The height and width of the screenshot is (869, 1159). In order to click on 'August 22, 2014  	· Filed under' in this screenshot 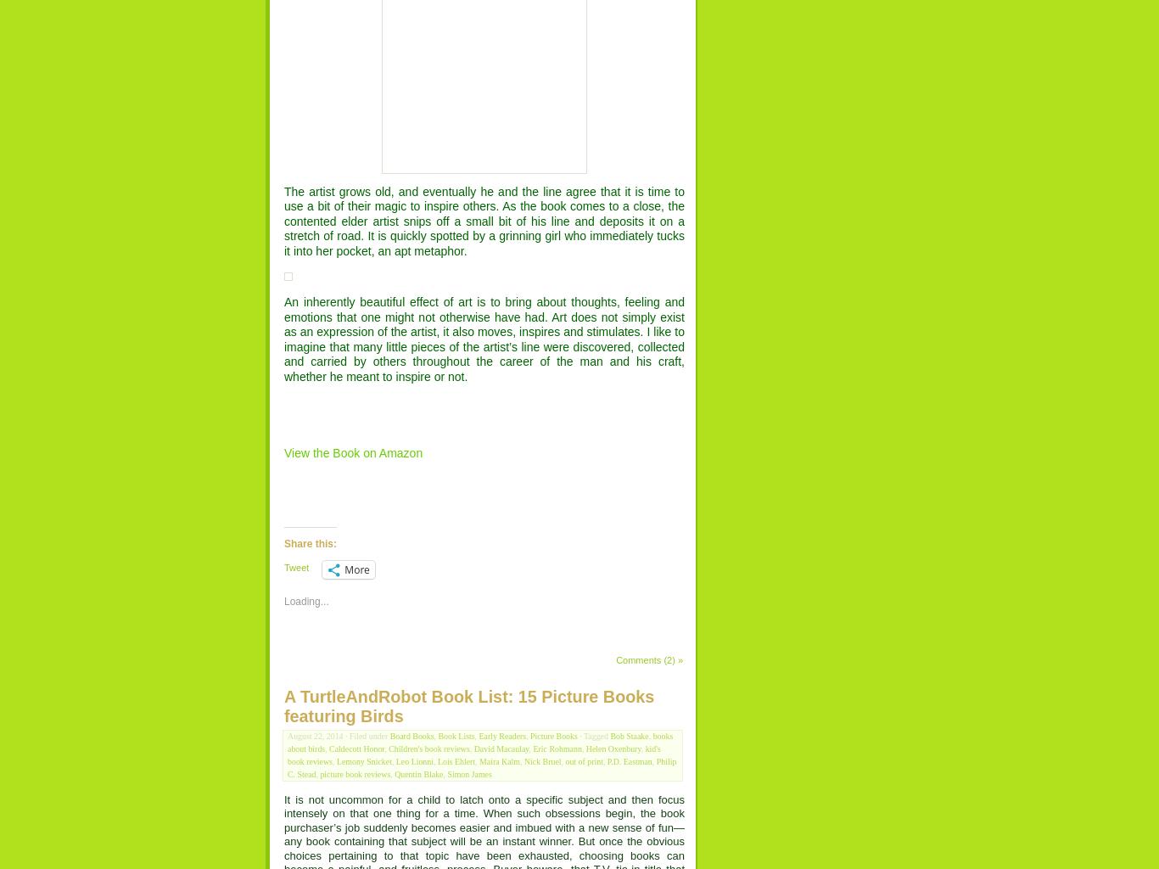, I will do `click(338, 736)`.